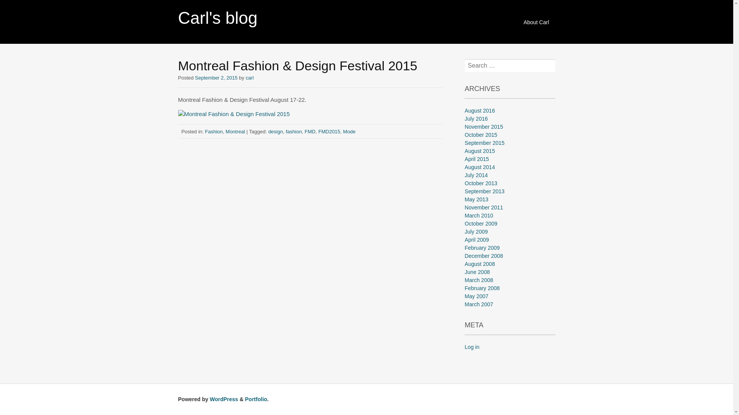 The height and width of the screenshot is (415, 739). What do you see at coordinates (216, 78) in the screenshot?
I see `'September 2, 2015'` at bounding box center [216, 78].